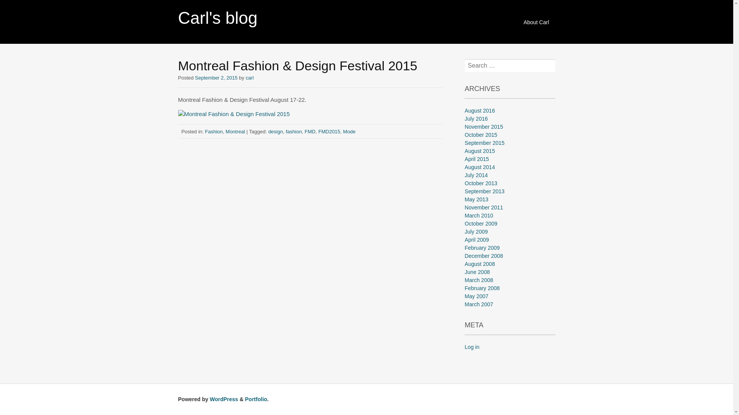 The height and width of the screenshot is (415, 739). What do you see at coordinates (216, 78) in the screenshot?
I see `'September 2, 2015'` at bounding box center [216, 78].